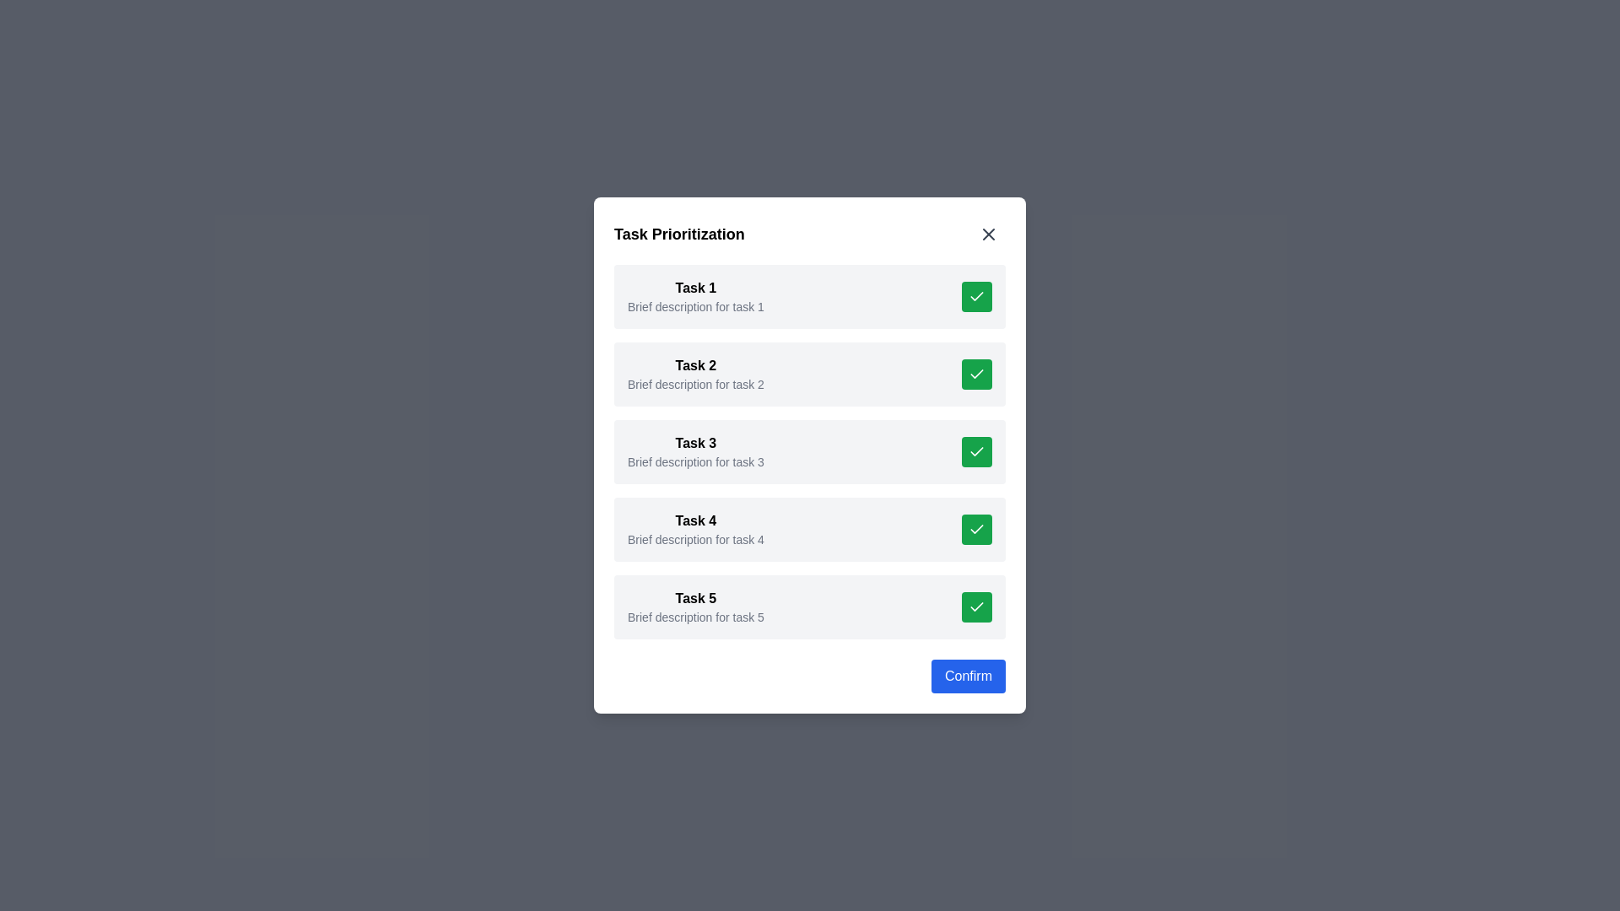 The height and width of the screenshot is (911, 1620). What do you see at coordinates (976, 529) in the screenshot?
I see `the confirmation button for 'Task 4'` at bounding box center [976, 529].